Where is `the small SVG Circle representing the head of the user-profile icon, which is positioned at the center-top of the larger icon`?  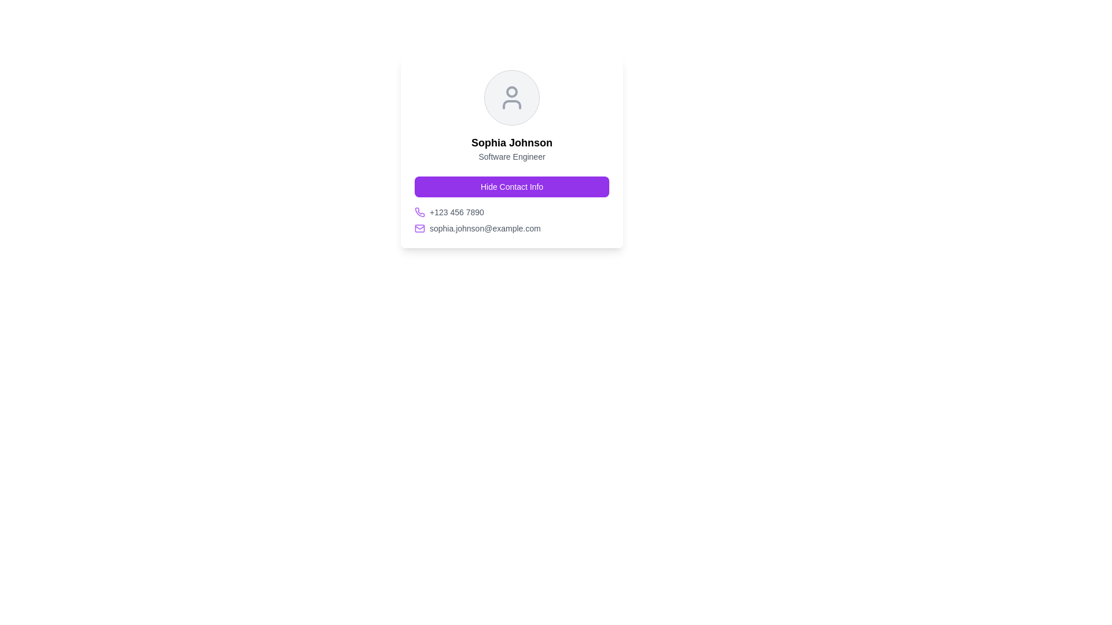
the small SVG Circle representing the head of the user-profile icon, which is positioned at the center-top of the larger icon is located at coordinates (511, 91).